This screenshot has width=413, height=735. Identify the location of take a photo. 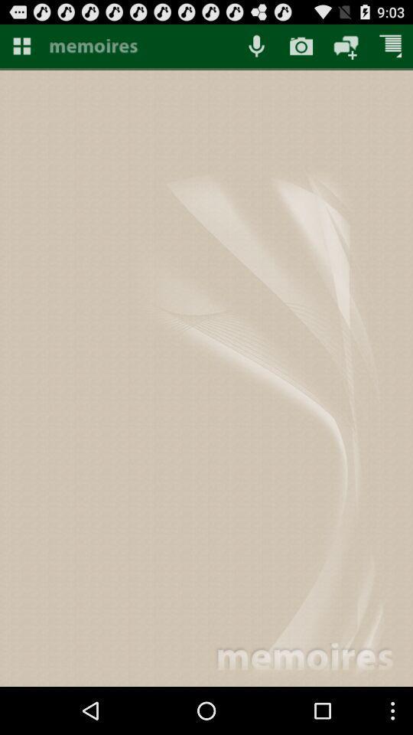
(301, 45).